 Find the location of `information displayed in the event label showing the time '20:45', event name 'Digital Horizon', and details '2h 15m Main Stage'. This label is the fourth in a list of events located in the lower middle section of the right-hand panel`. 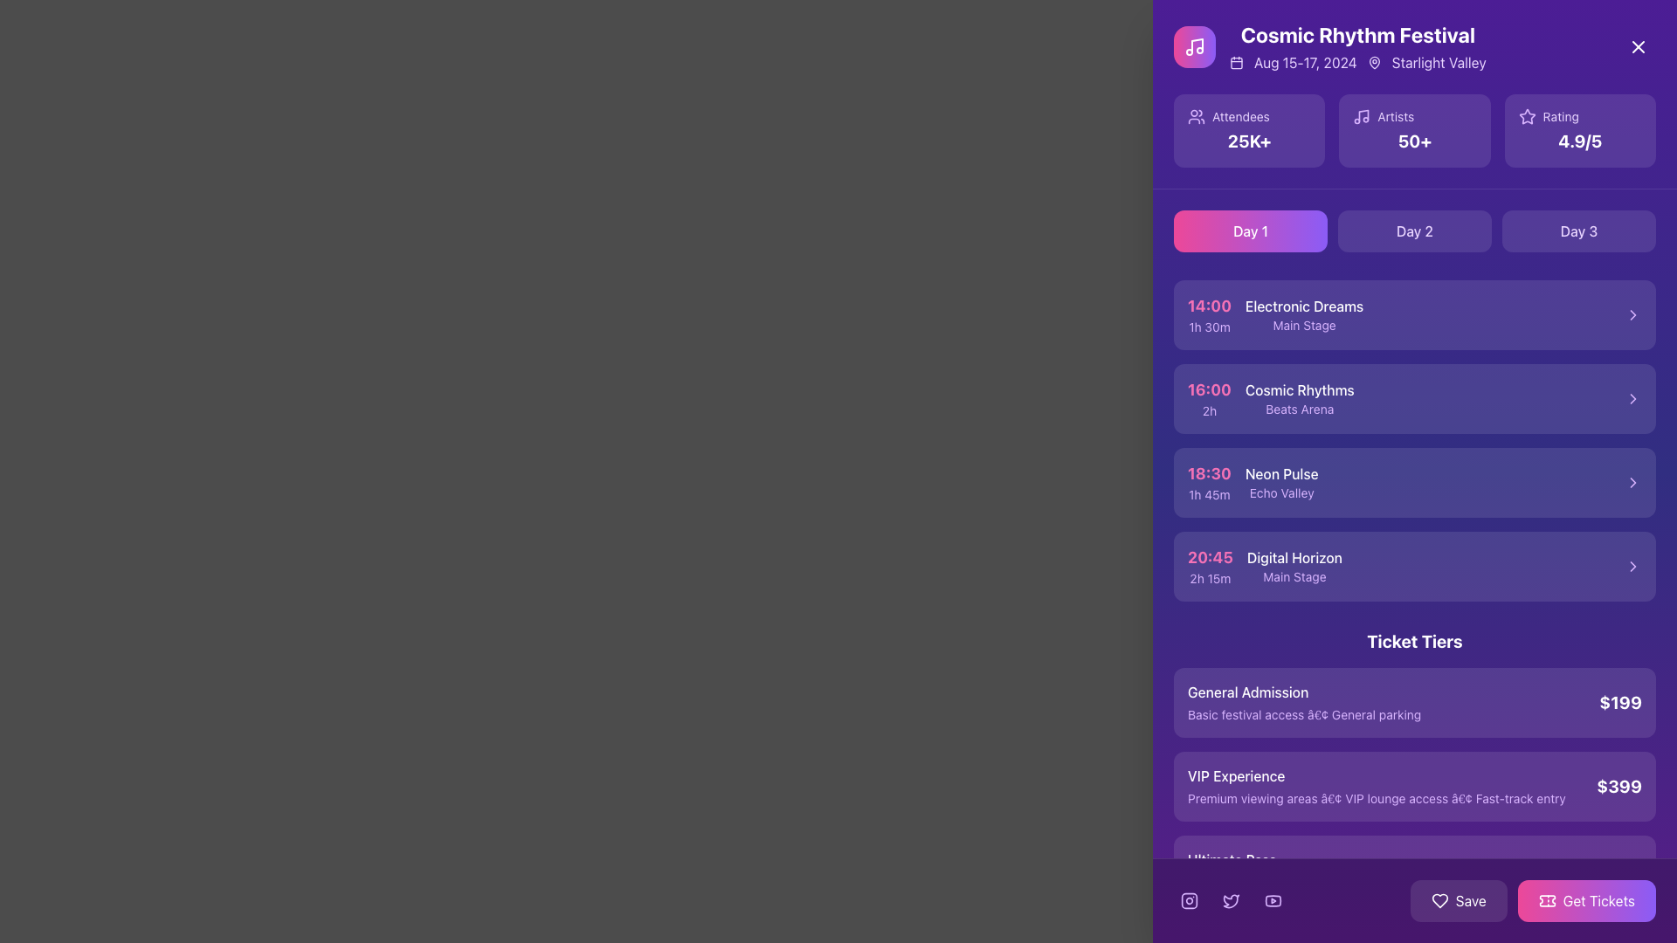

information displayed in the event label showing the time '20:45', event name 'Digital Horizon', and details '2h 15m Main Stage'. This label is the fourth in a list of events located in the lower middle section of the right-hand panel is located at coordinates (1265, 566).